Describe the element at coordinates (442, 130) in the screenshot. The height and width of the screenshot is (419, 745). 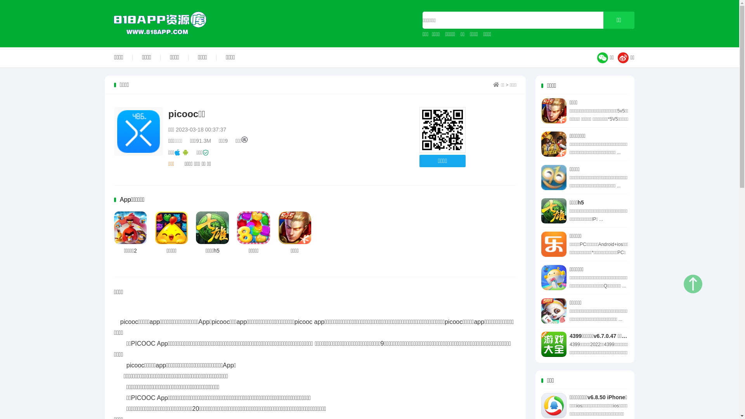
I see `'http://www.818app.com'` at that location.